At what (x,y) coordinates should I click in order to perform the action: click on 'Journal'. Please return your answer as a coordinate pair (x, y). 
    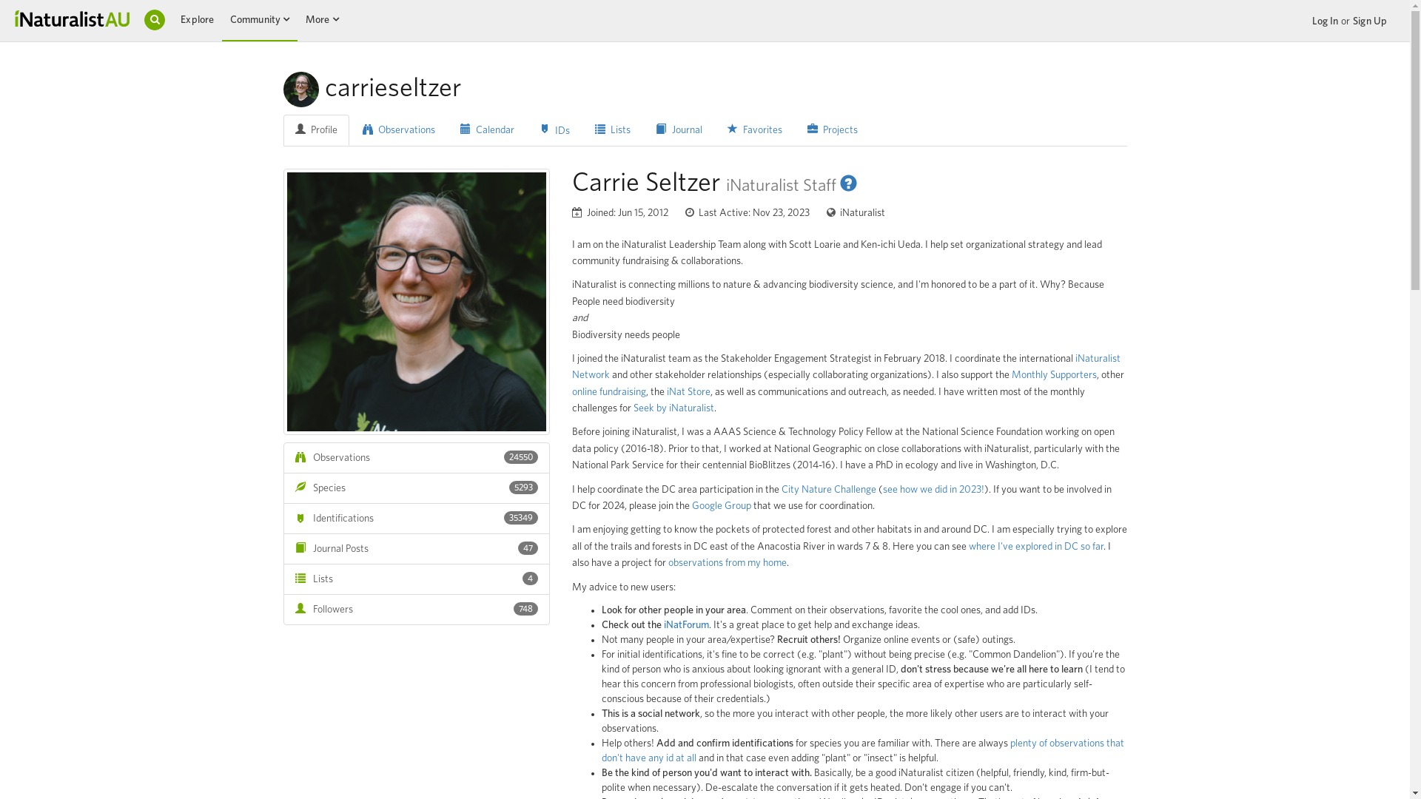
    Looking at the image, I should click on (643, 129).